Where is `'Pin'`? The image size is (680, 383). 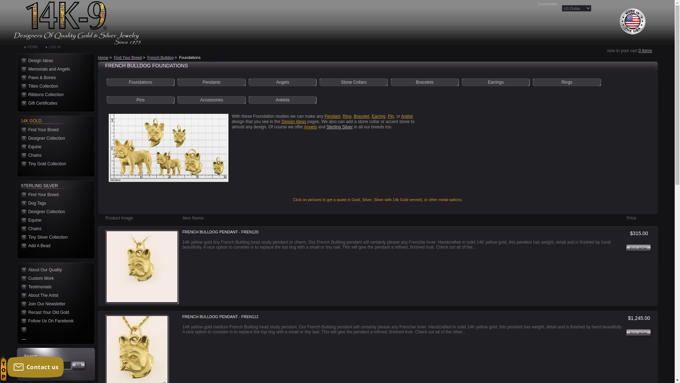
'Pin' is located at coordinates (390, 116).